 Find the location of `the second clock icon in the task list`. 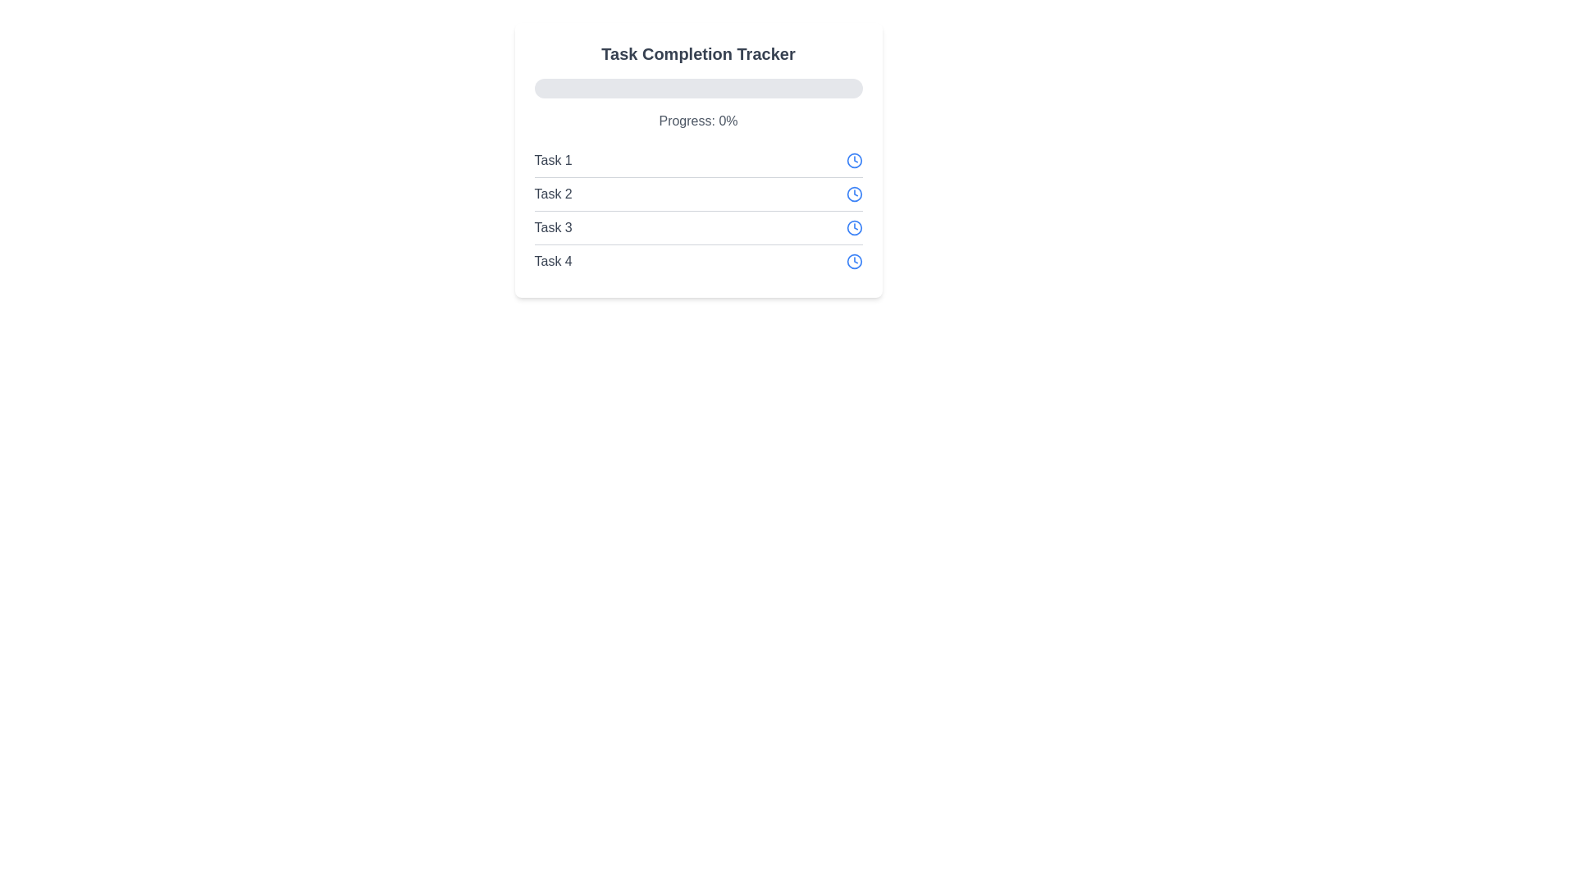

the second clock icon in the task list is located at coordinates (853, 193).